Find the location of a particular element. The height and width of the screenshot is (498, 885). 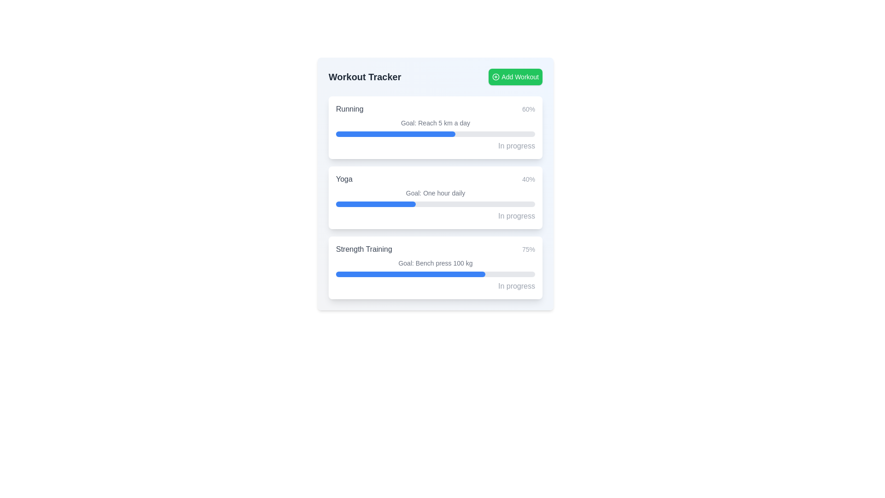

the horizontal progress bar styled with a rounded rectangular background in light gray and a filled portion in blue, which is part of the 'Yoga' card labeled with 'Goal: One hour daily' and '40%' is located at coordinates (435, 204).